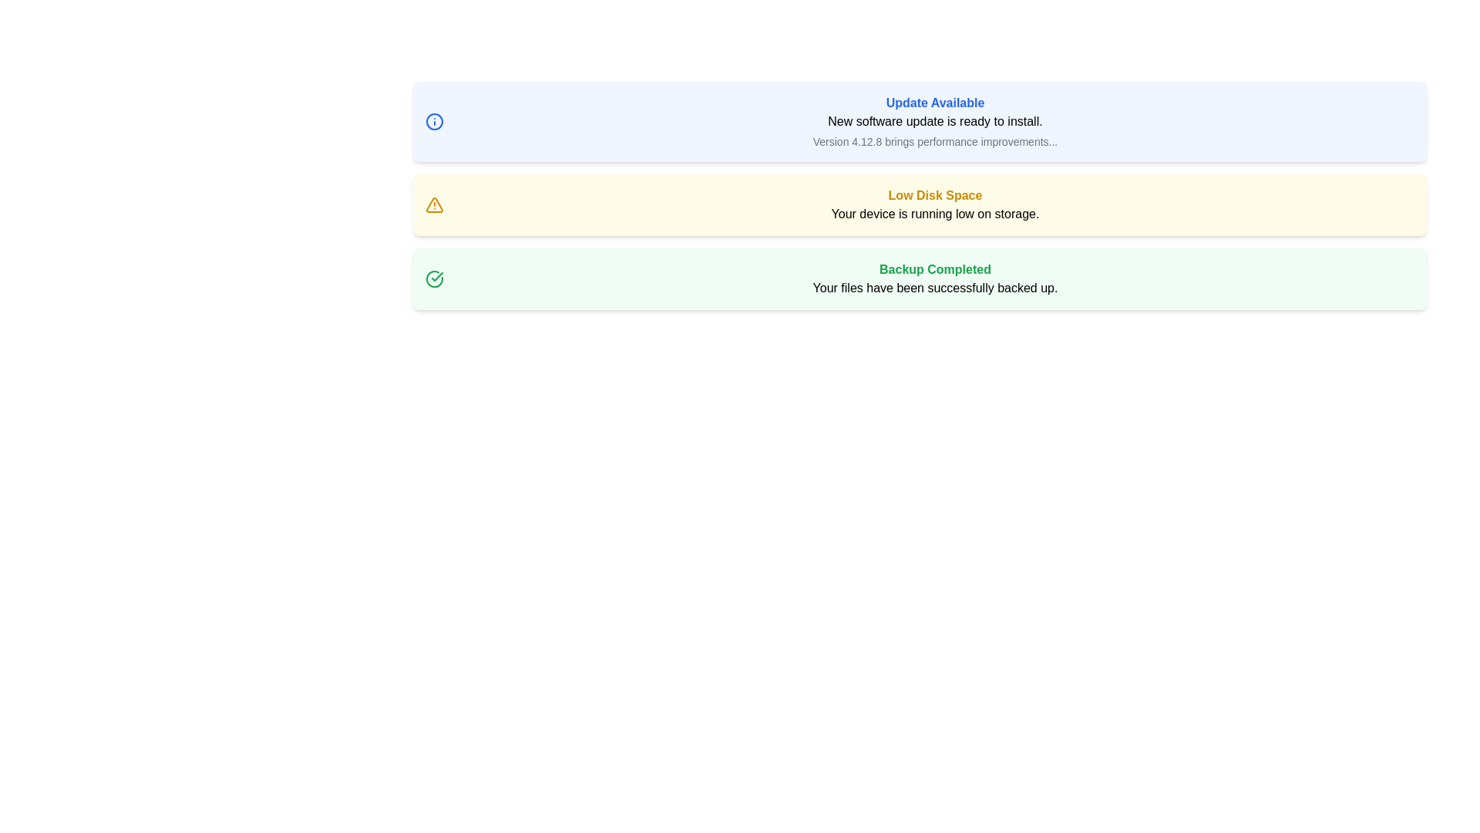  What do you see at coordinates (934, 204) in the screenshot?
I see `the informational alert box that displays 'Low Disk Space' with a subtitle indicating low storage` at bounding box center [934, 204].